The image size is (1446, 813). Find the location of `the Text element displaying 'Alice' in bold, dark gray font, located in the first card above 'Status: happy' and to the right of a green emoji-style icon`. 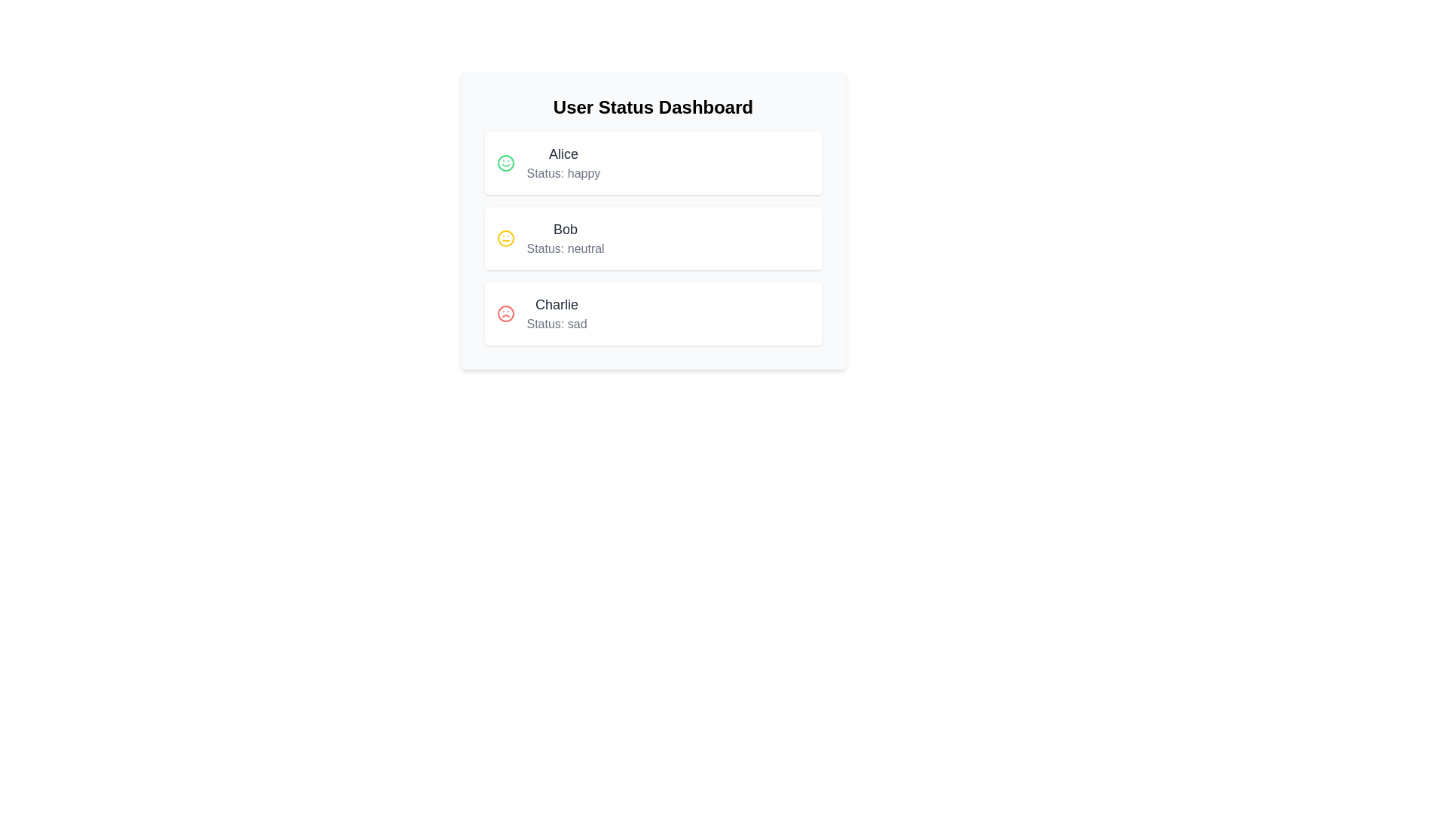

the Text element displaying 'Alice' in bold, dark gray font, located in the first card above 'Status: happy' and to the right of a green emoji-style icon is located at coordinates (563, 154).